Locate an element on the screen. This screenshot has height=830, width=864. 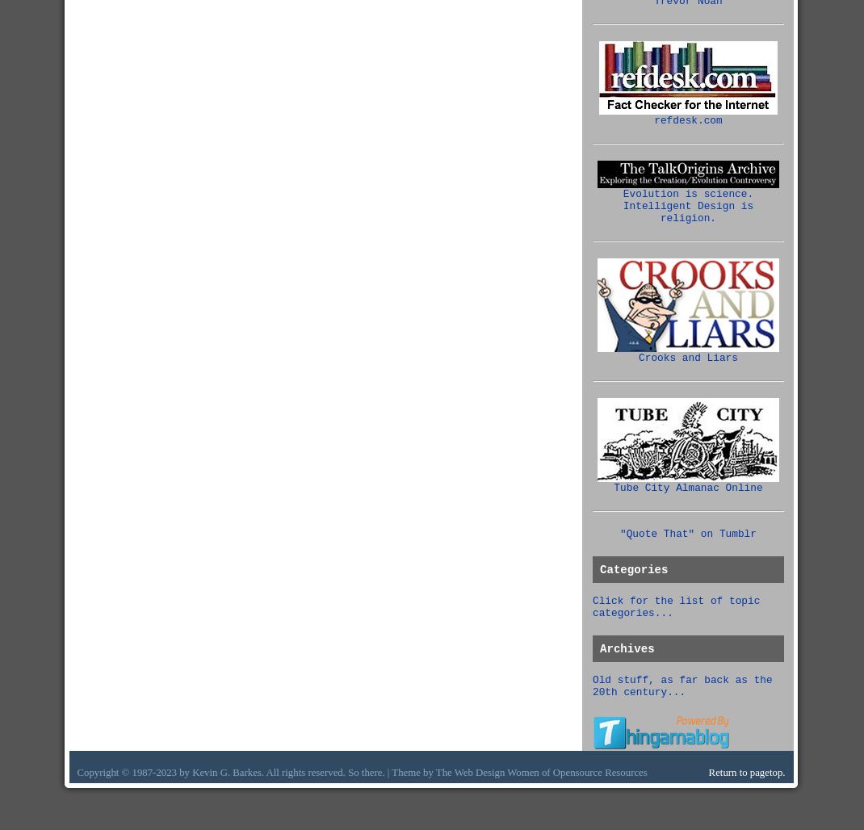
'Return to pagetop.' is located at coordinates (707, 772).